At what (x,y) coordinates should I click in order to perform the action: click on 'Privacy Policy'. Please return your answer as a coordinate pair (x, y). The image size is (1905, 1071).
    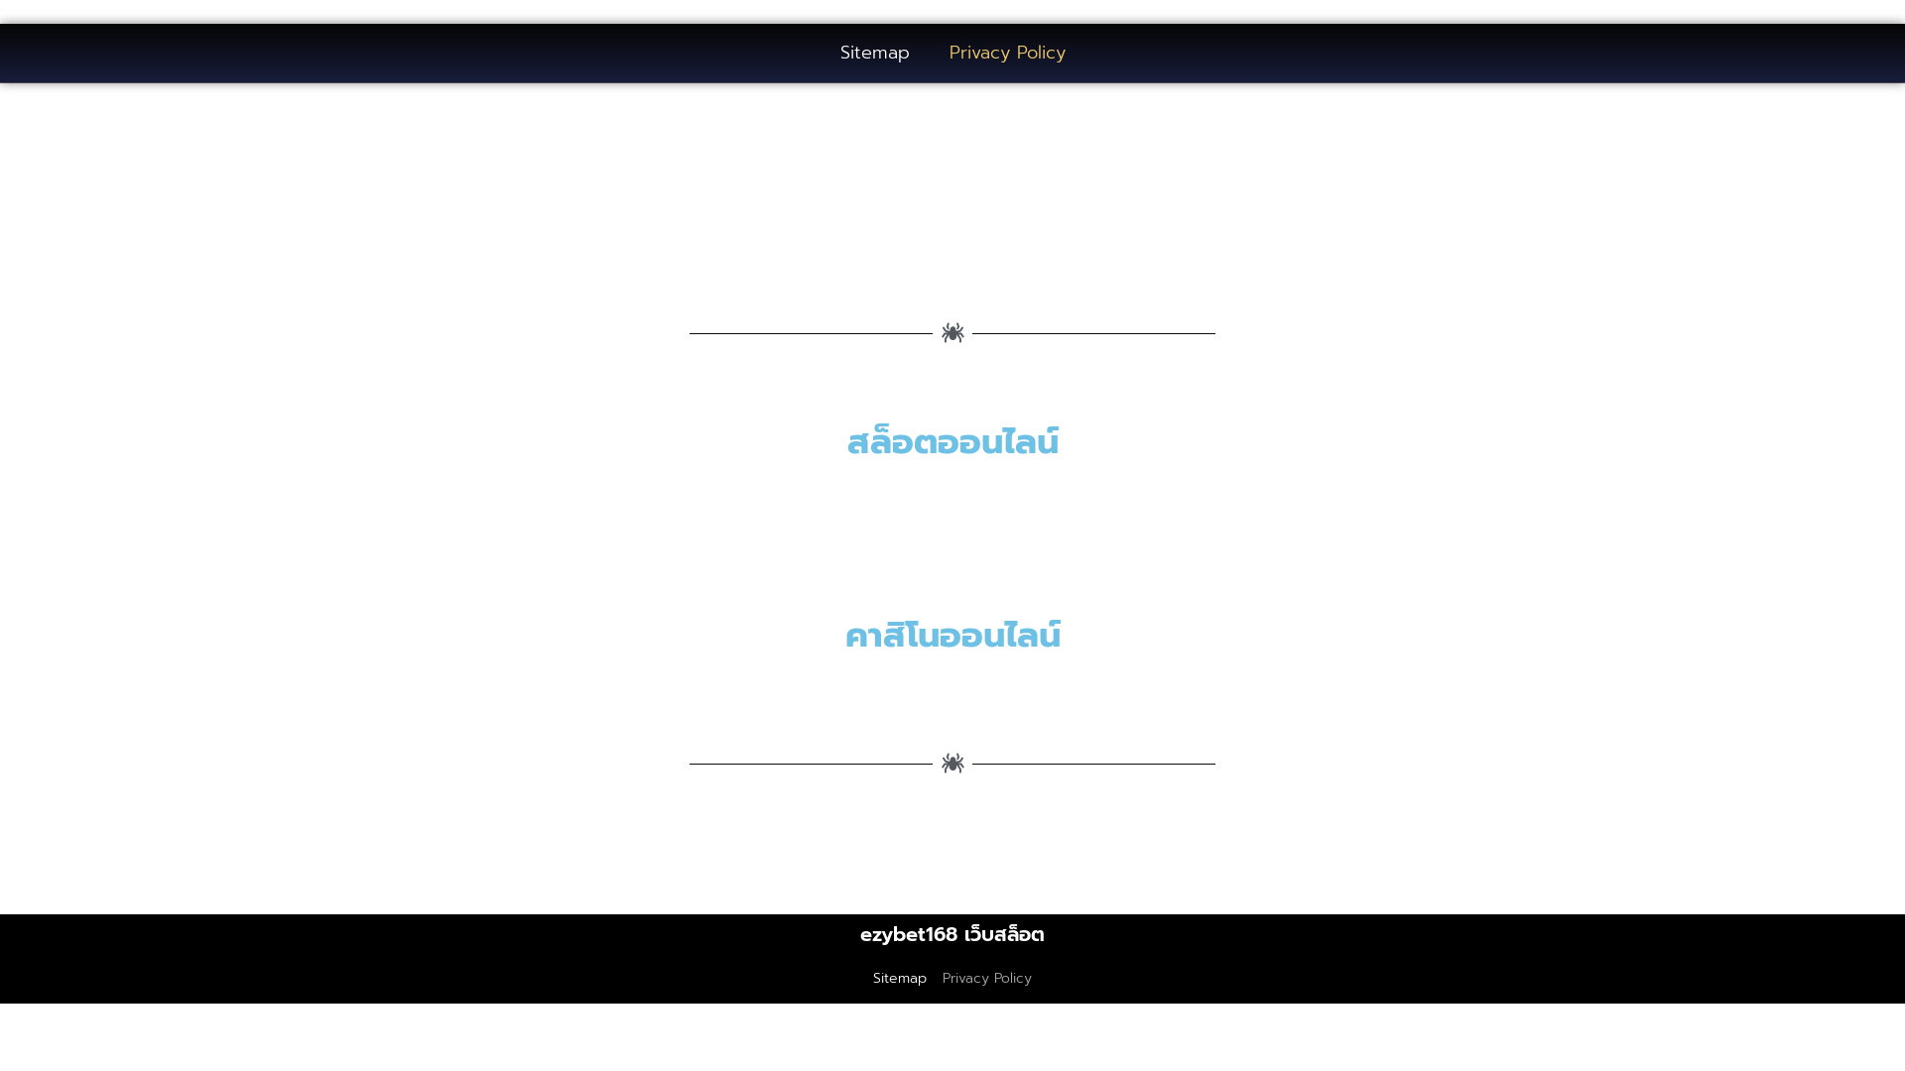
    Looking at the image, I should click on (933, 978).